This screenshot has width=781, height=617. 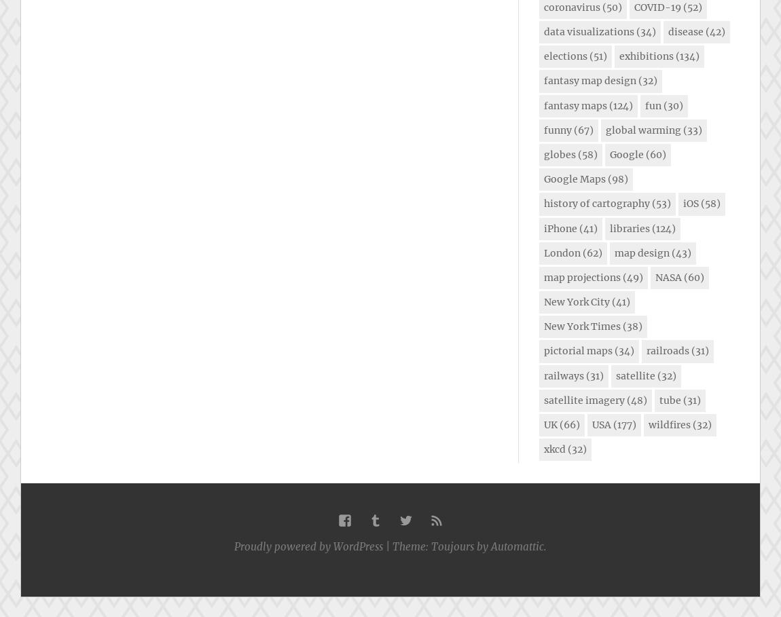 I want to click on '(52)', so click(x=691, y=5).